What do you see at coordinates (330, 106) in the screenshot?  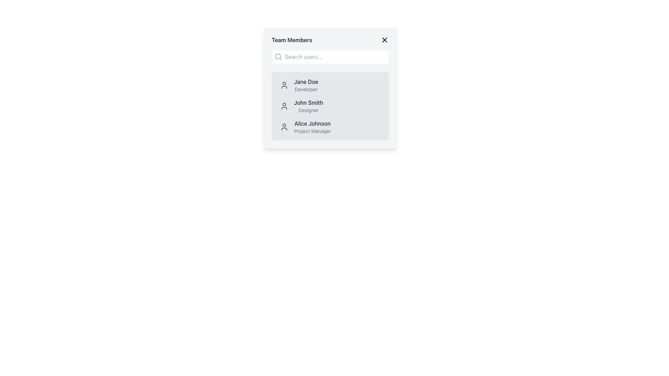 I see `the List item group displaying user information for team members, located below the search bar in the 'Team Members' section` at bounding box center [330, 106].